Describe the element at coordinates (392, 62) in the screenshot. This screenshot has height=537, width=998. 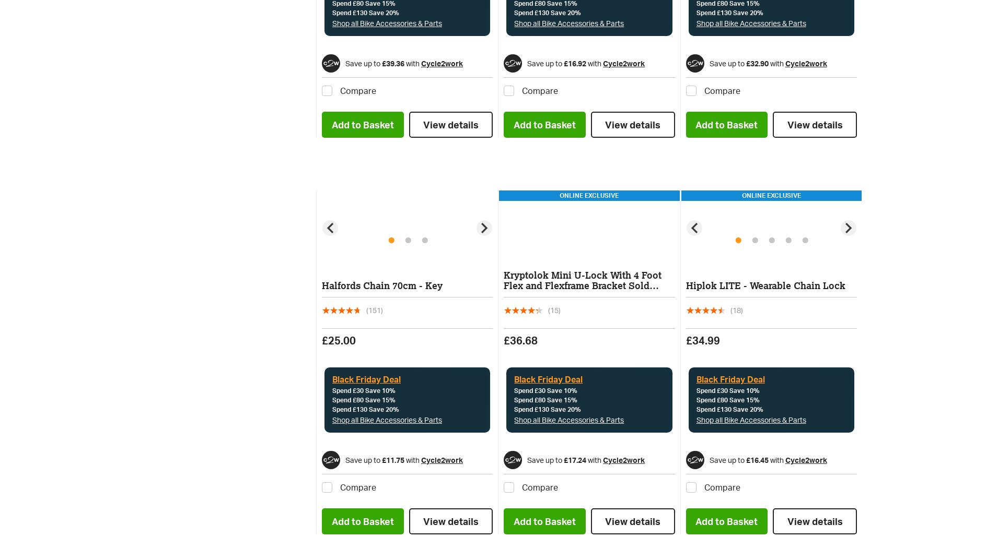
I see `'£39.36'` at that location.